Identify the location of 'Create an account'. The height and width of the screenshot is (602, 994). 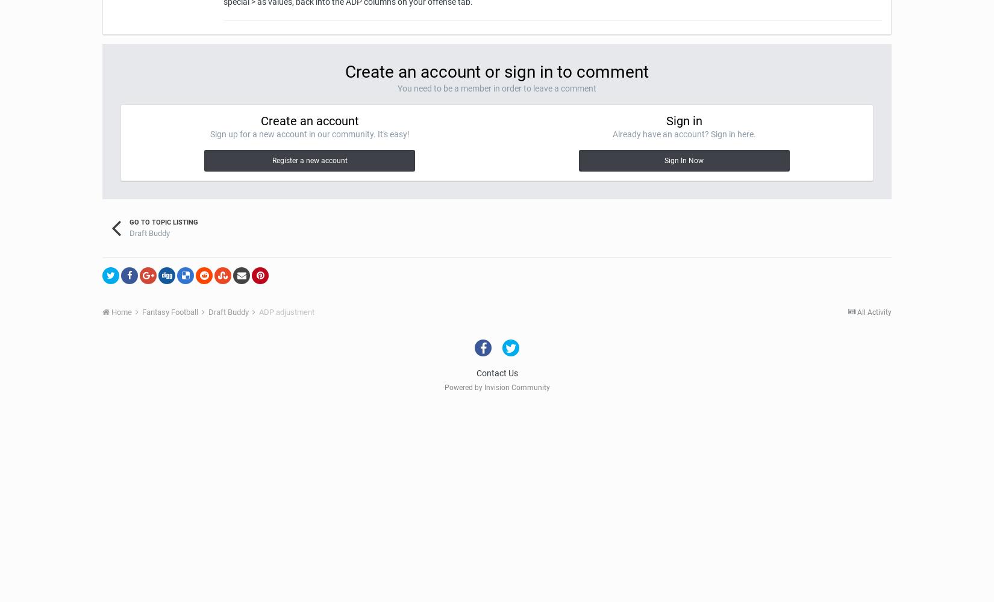
(308, 120).